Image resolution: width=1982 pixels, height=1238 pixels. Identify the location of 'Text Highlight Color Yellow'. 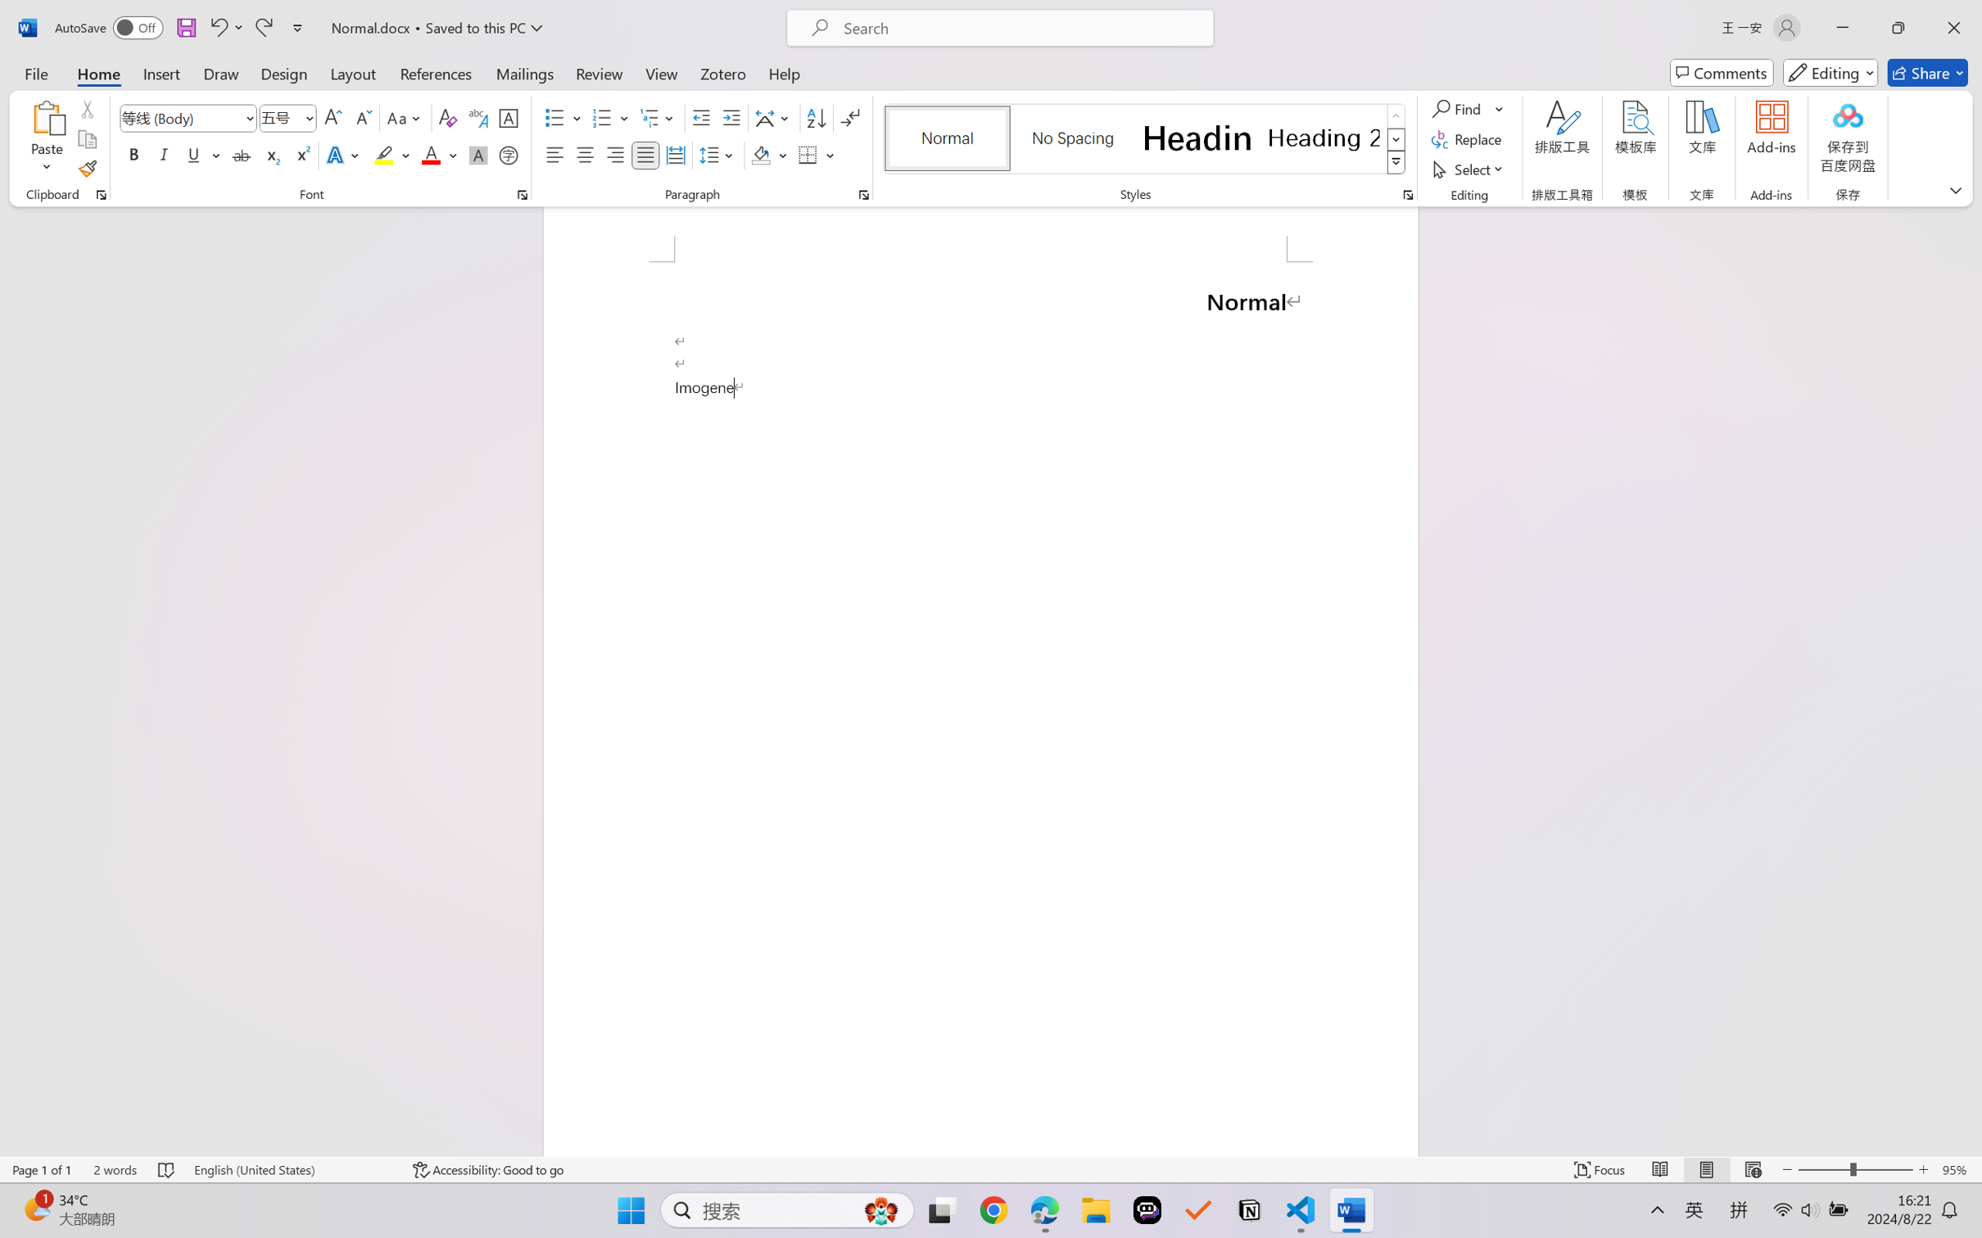
(383, 154).